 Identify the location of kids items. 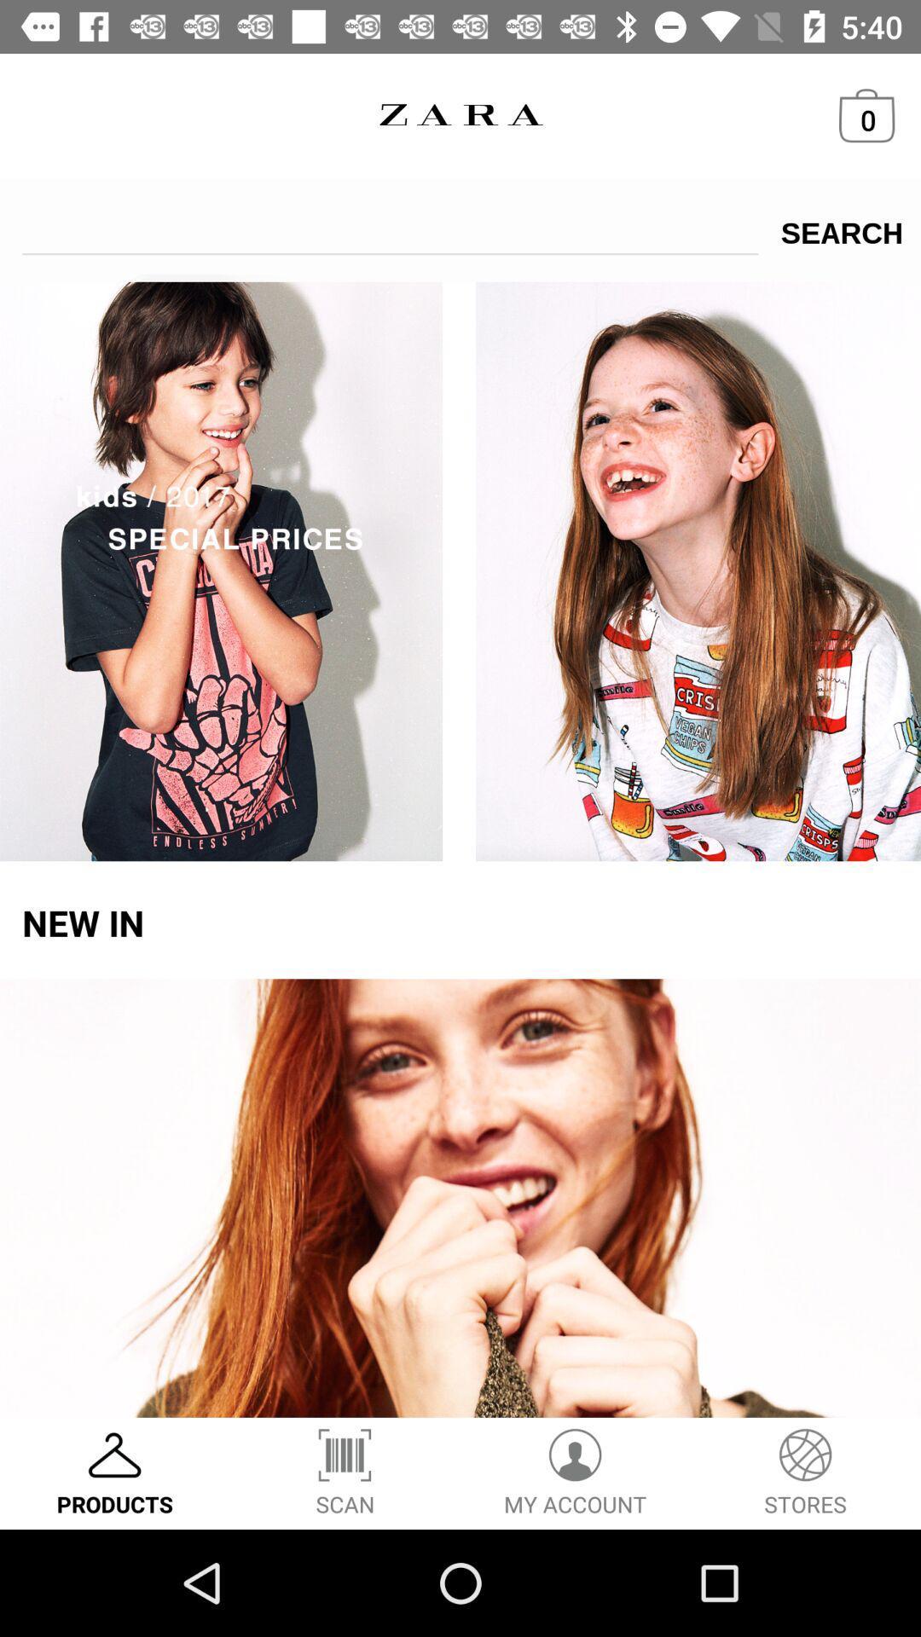
(460, 568).